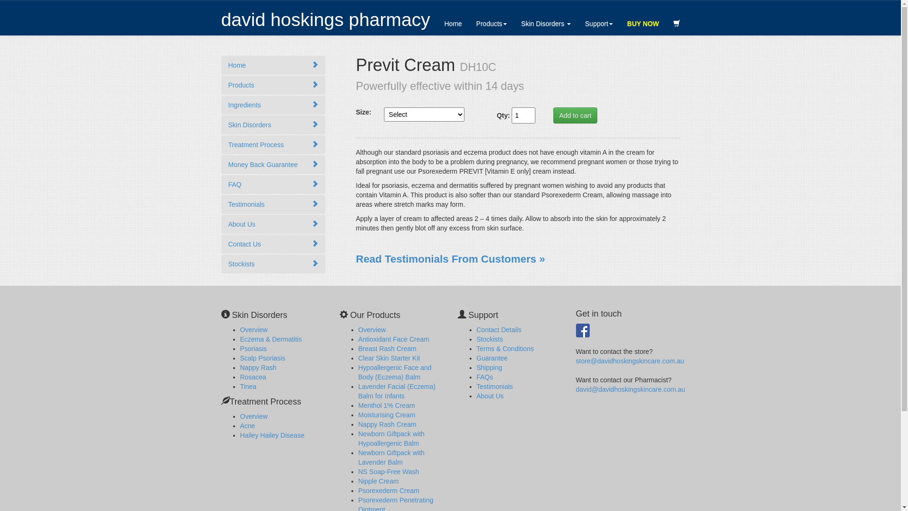 The height and width of the screenshot is (511, 908). I want to click on 'Antioxidant Face Cream', so click(394, 339).